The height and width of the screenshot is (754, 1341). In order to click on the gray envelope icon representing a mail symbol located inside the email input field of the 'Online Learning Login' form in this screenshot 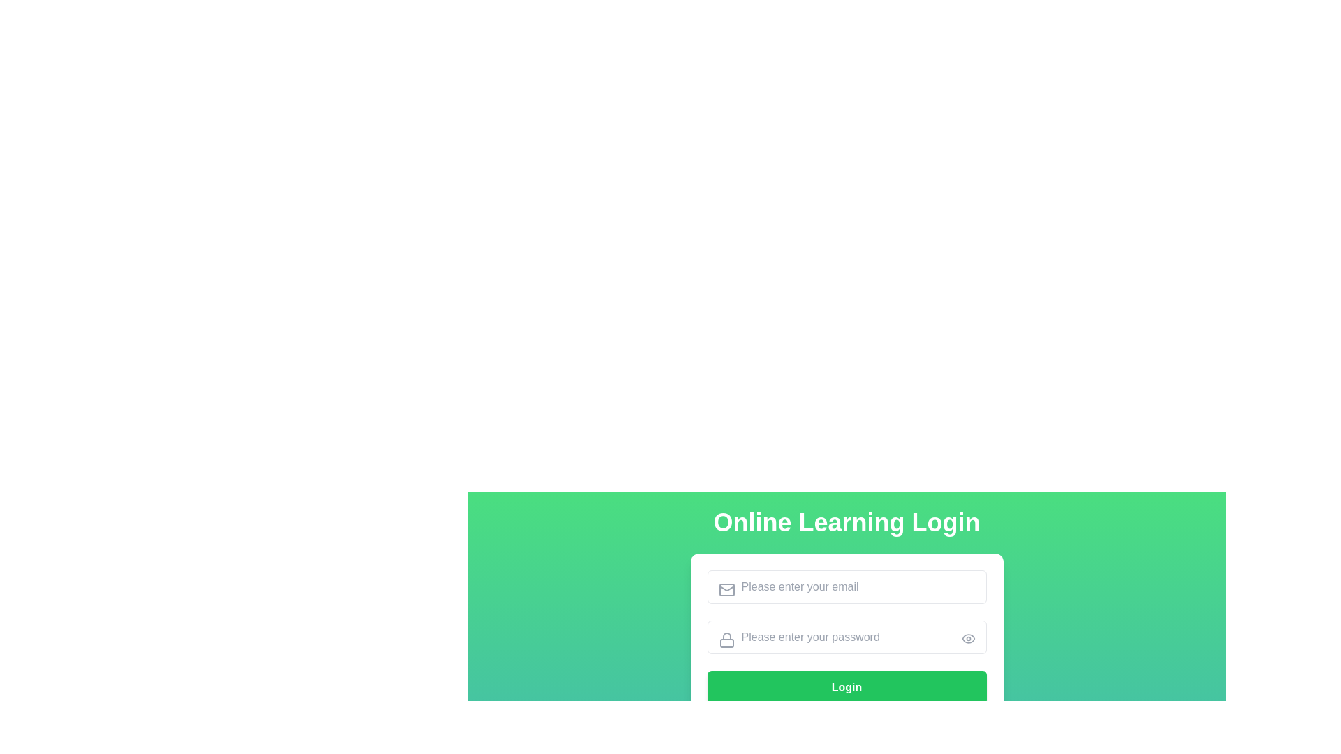, I will do `click(726, 589)`.